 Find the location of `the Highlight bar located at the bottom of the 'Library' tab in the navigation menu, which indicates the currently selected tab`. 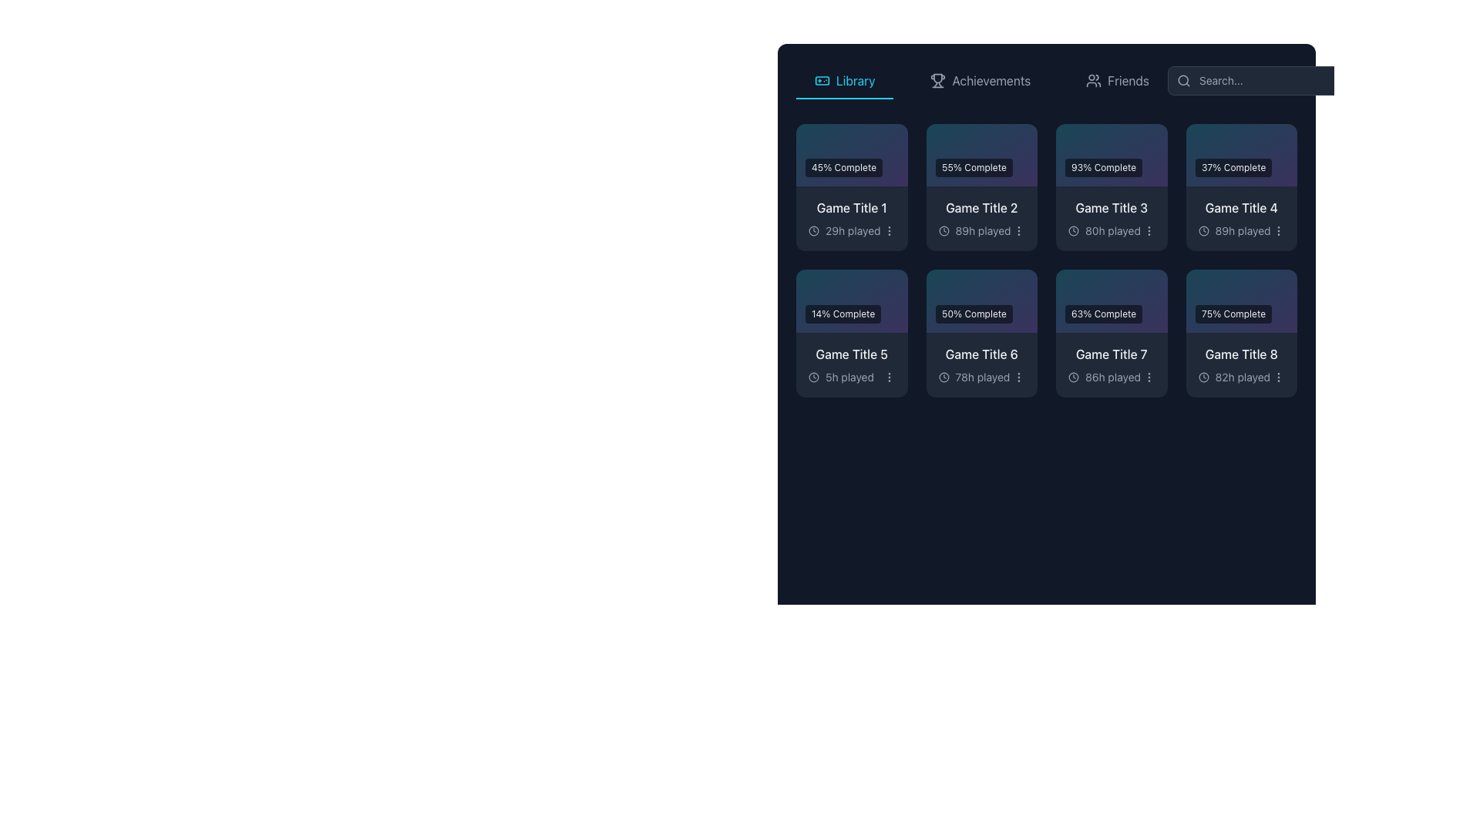

the Highlight bar located at the bottom of the 'Library' tab in the navigation menu, which indicates the currently selected tab is located at coordinates (844, 98).